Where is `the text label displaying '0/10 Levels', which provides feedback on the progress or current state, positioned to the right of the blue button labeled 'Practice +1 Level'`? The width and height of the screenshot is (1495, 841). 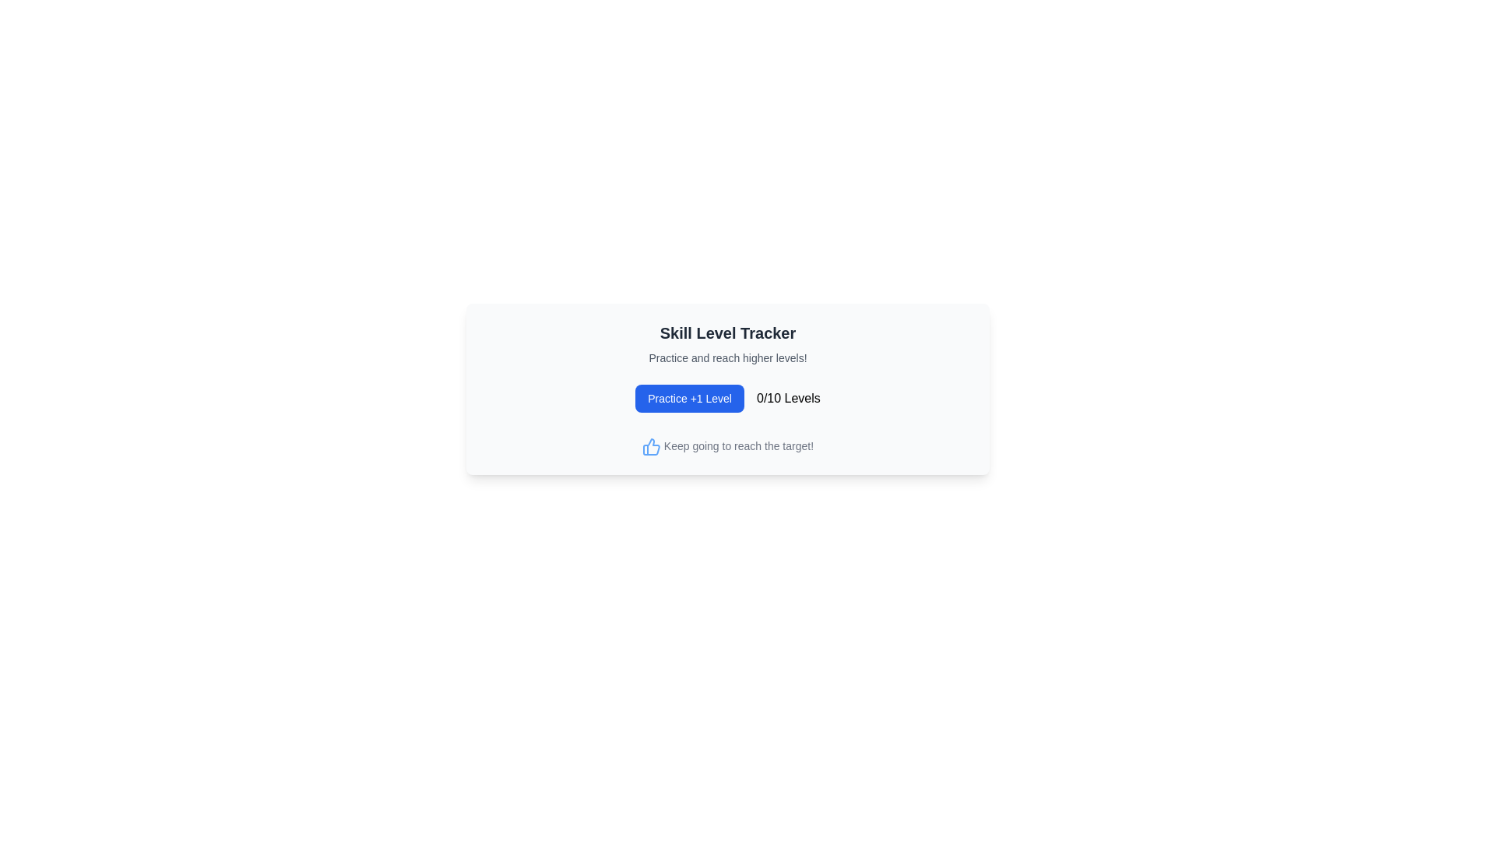 the text label displaying '0/10 Levels', which provides feedback on the progress or current state, positioned to the right of the blue button labeled 'Practice +1 Level' is located at coordinates (788, 398).